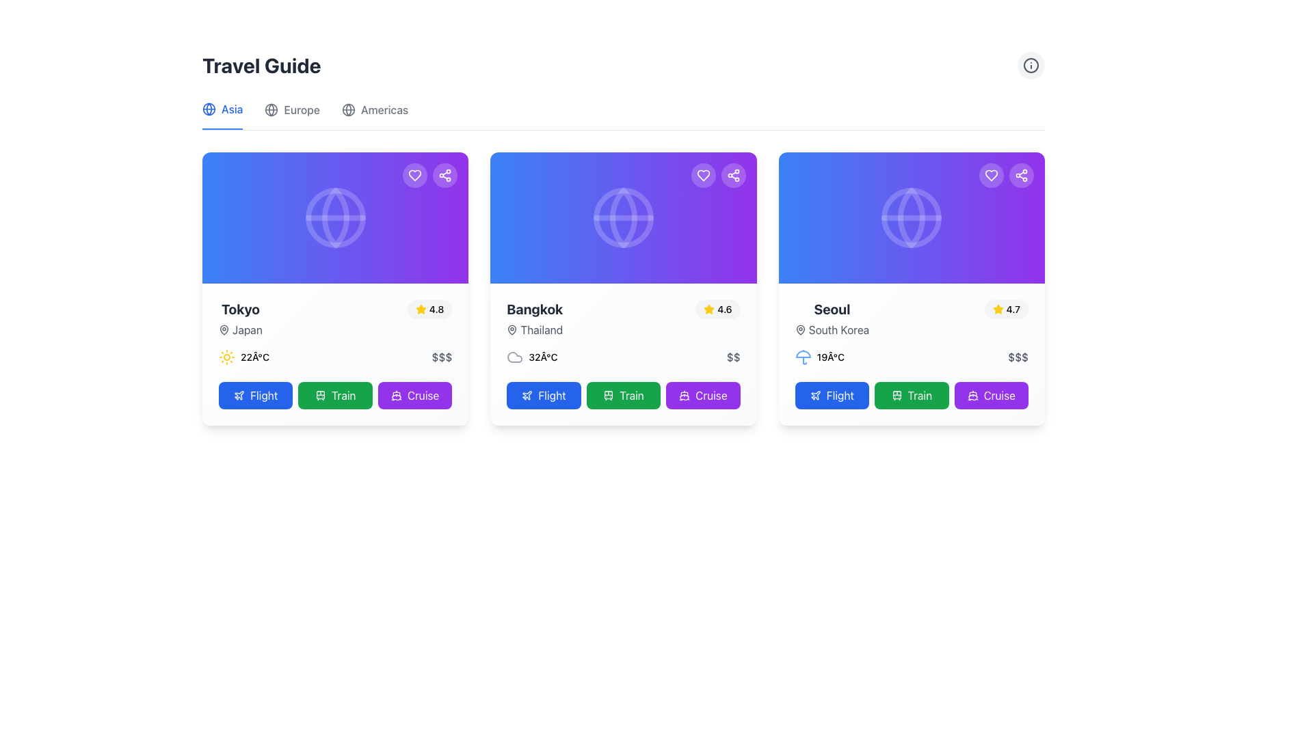  I want to click on the decorative or functional icon located in the third card on the right in the interface, specifically in the 'Seoul' section to the left of the 'South Korea' text, so click(800, 329).